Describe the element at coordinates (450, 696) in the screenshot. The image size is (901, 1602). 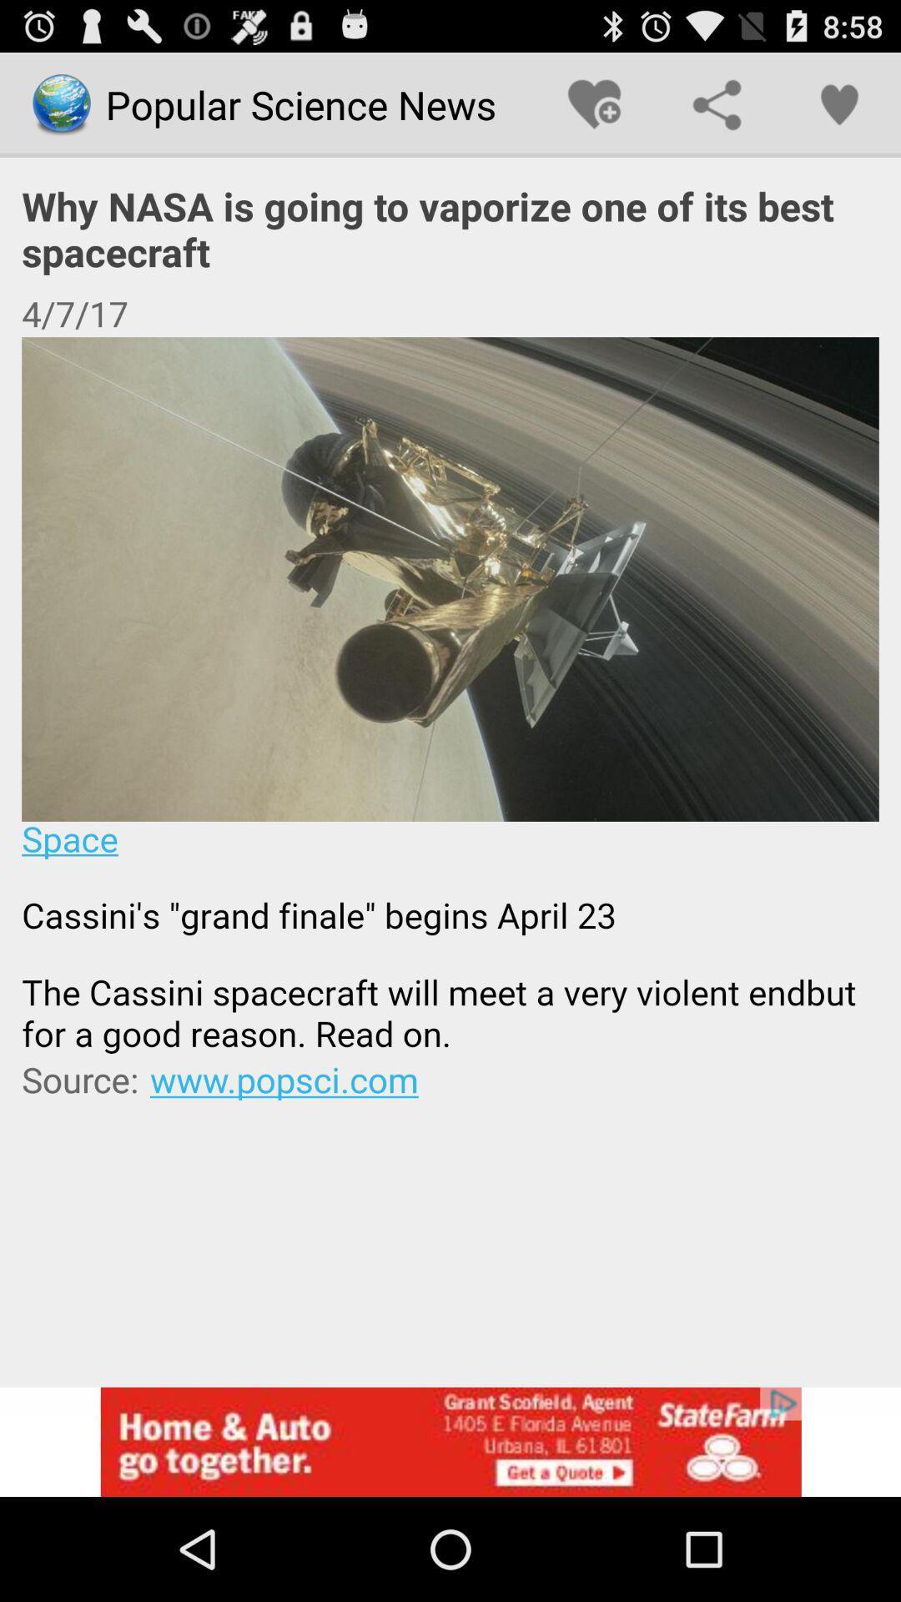
I see `image` at that location.